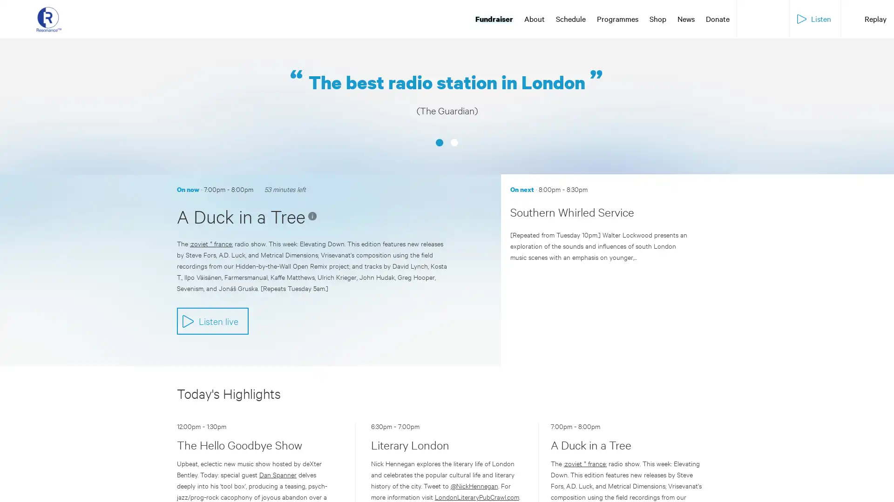 The height and width of the screenshot is (502, 894). What do you see at coordinates (454, 116) in the screenshot?
I see `2` at bounding box center [454, 116].